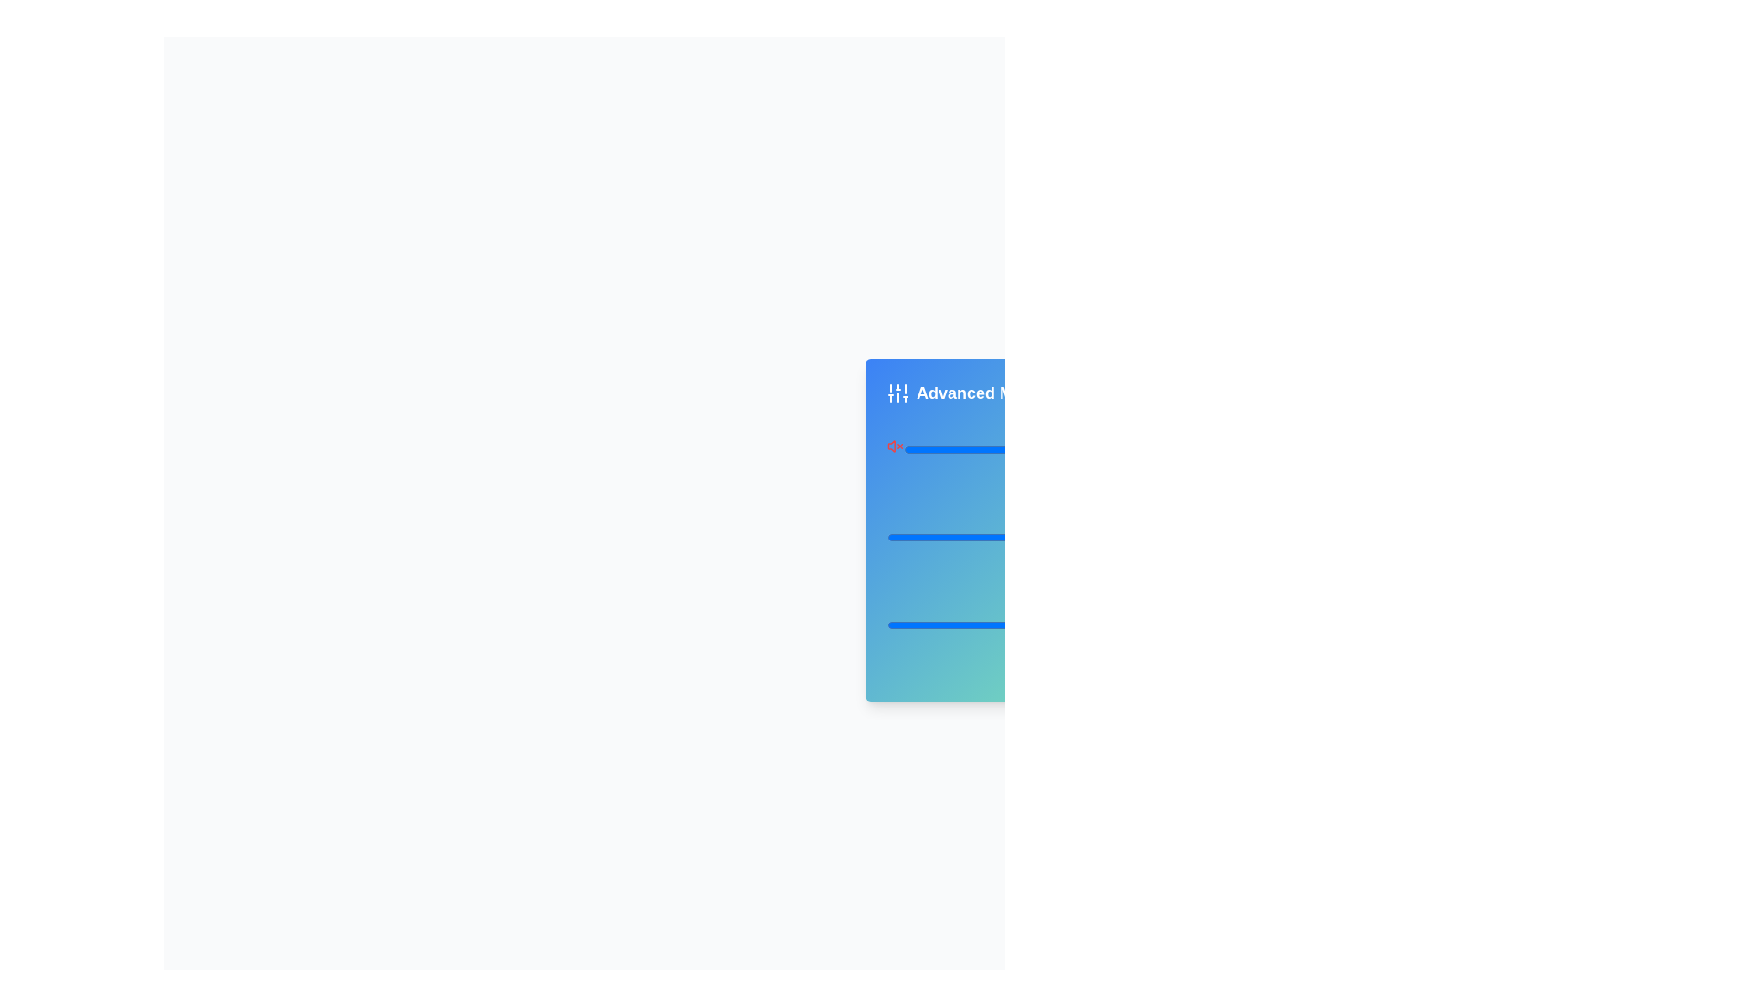 The width and height of the screenshot is (1753, 986). Describe the element at coordinates (1093, 443) in the screenshot. I see `the slider value` at that location.